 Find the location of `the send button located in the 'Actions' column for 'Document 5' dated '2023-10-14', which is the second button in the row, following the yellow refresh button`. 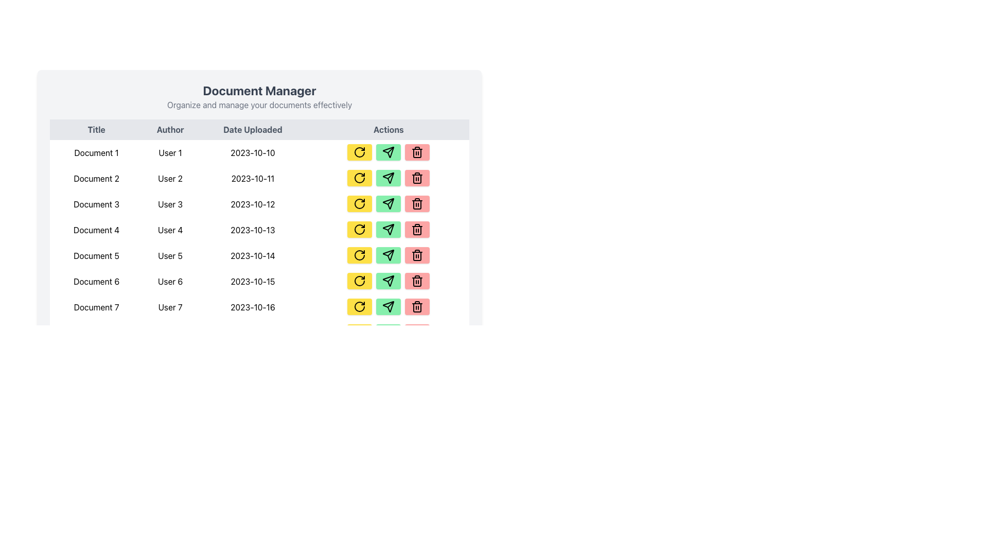

the send button located in the 'Actions' column for 'Document 5' dated '2023-10-14', which is the second button in the row, following the yellow refresh button is located at coordinates (388, 255).